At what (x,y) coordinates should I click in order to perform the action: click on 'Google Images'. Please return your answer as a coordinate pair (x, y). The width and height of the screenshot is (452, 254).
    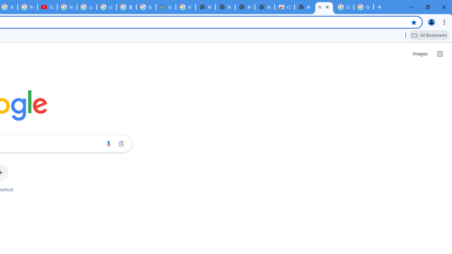
    Looking at the image, I should click on (344, 7).